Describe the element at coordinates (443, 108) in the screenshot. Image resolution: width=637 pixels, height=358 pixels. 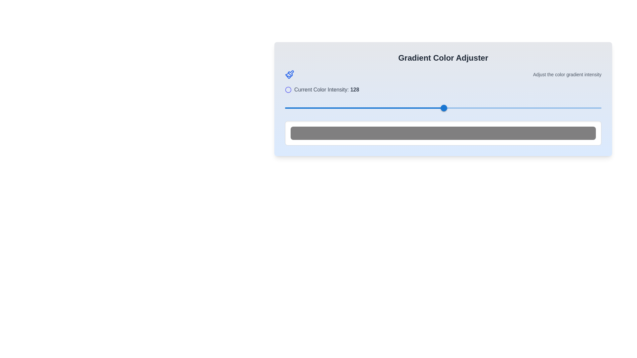
I see `the track of the horizontal slider located below the text 'Current Color Intensity: 128' to reposition the thumb control` at that location.